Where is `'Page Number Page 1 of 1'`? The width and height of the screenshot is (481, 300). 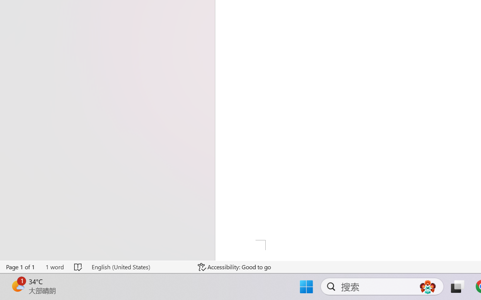
'Page Number Page 1 of 1' is located at coordinates (21, 267).